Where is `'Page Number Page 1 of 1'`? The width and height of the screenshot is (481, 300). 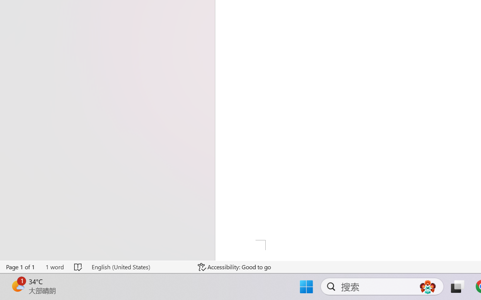
'Page Number Page 1 of 1' is located at coordinates (21, 267).